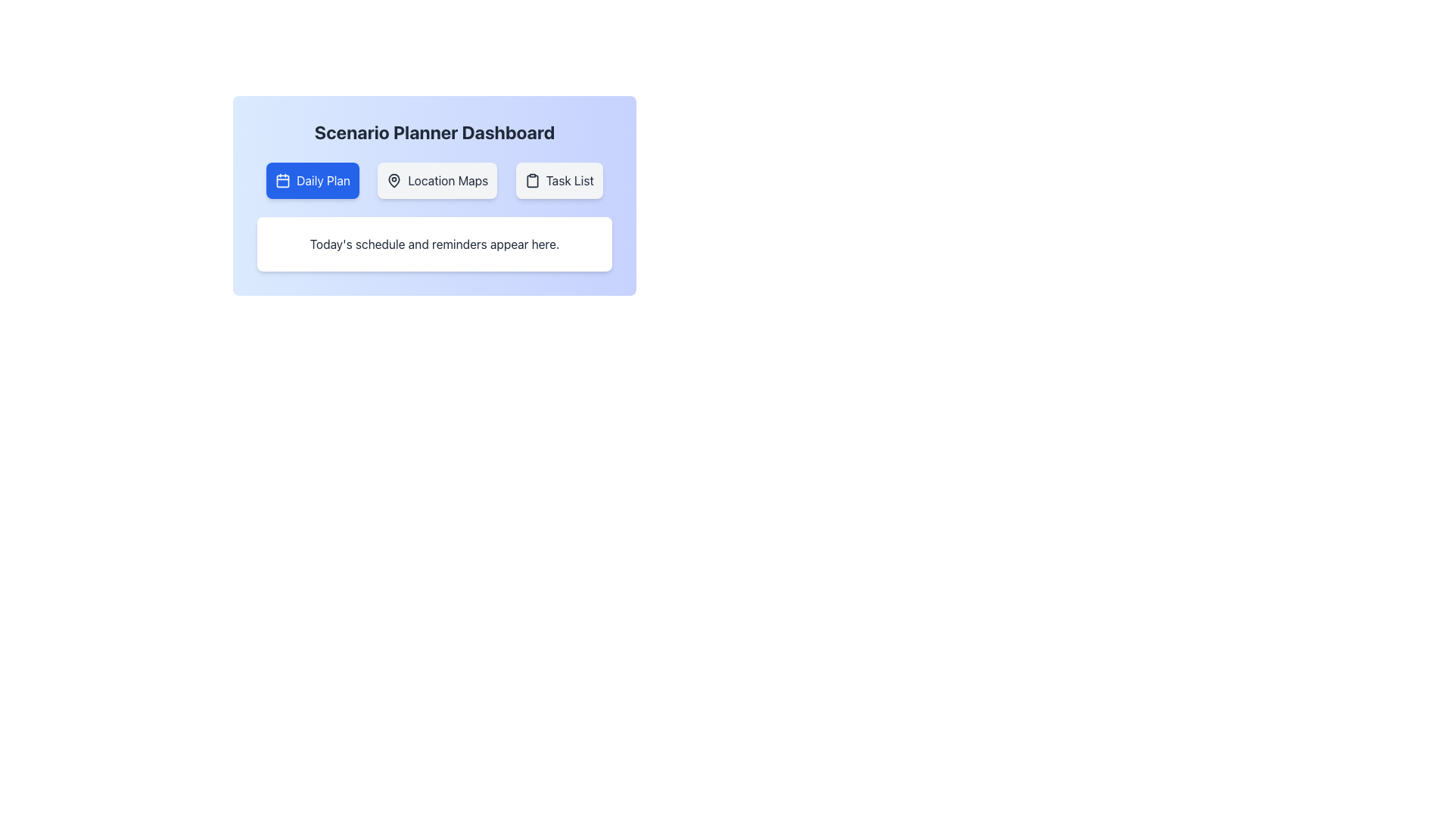  What do you see at coordinates (283, 180) in the screenshot?
I see `the decorative shape, which is a vibrant blue rounded rectangle within the calendar icon of the 'Daily Plan' button in the dashboard interface` at bounding box center [283, 180].